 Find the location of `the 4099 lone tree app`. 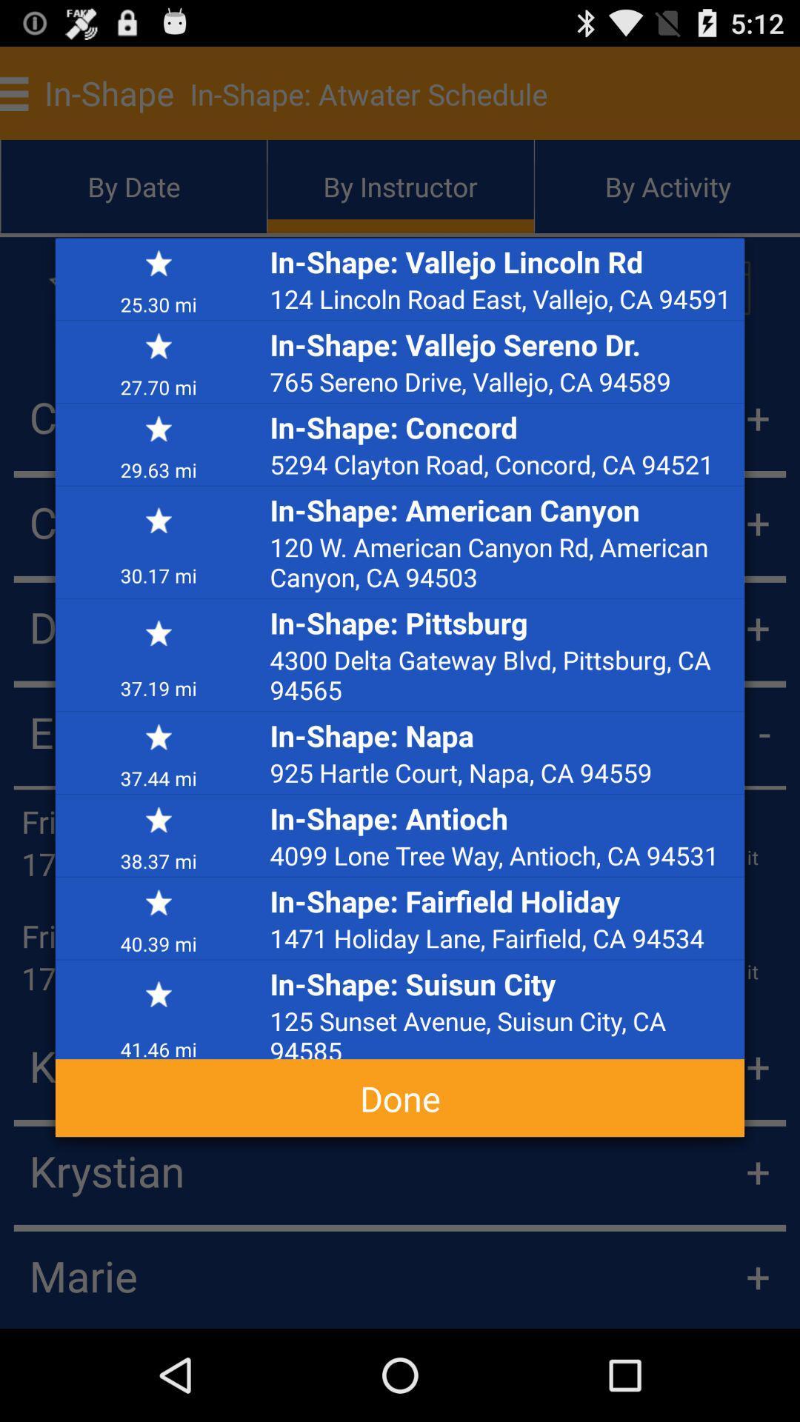

the 4099 lone tree app is located at coordinates (502, 855).